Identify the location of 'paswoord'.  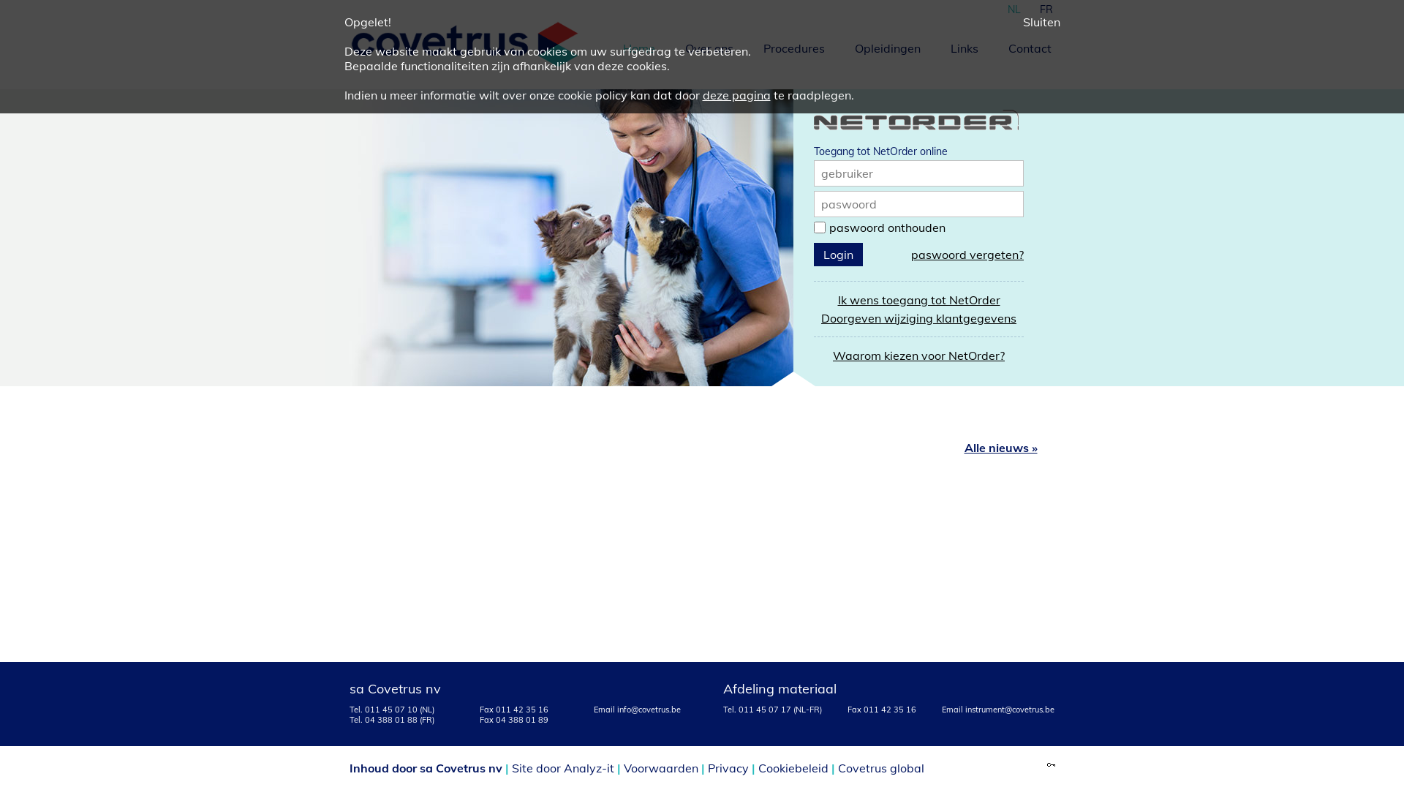
(849, 203).